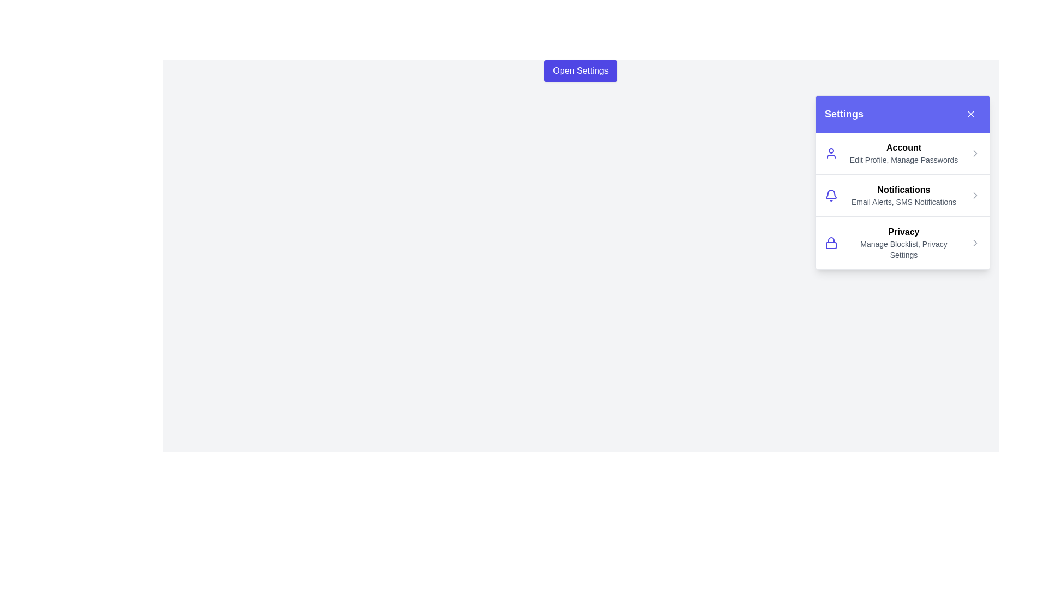 The width and height of the screenshot is (1048, 590). What do you see at coordinates (904, 189) in the screenshot?
I see `text of the 'Notifications' heading label located within the settings menu, positioned to the right of a bell icon and above a descriptive text label` at bounding box center [904, 189].